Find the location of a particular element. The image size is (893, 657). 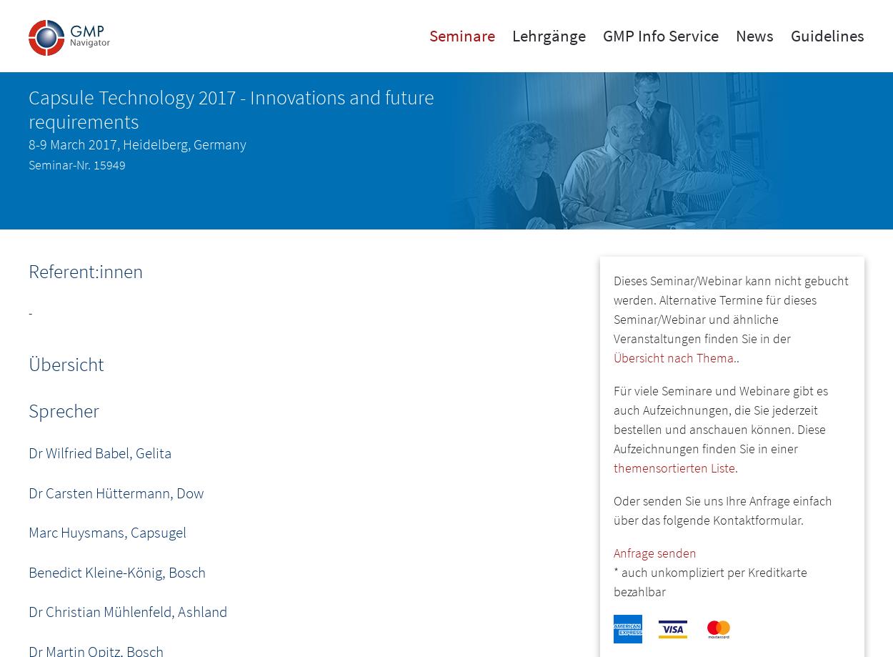

'Anfrage senden' is located at coordinates (613, 553).